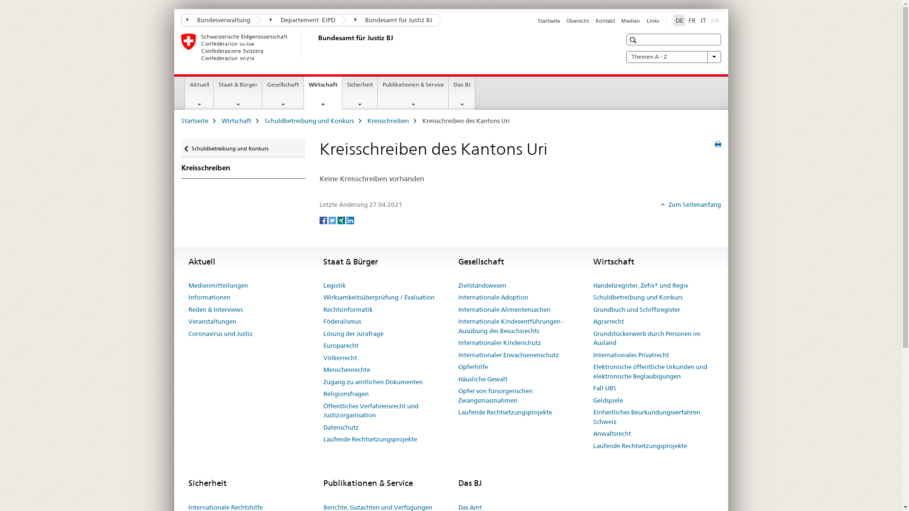 This screenshot has width=909, height=511. I want to click on 'Medienmitteilungen', so click(217, 285).